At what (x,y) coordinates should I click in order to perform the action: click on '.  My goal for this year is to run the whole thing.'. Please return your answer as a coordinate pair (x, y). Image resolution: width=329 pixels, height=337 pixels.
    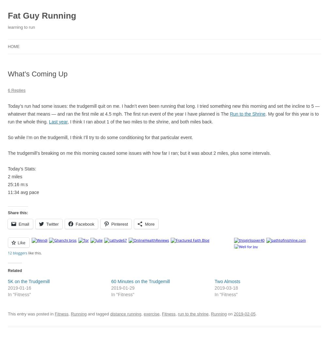
    Looking at the image, I should click on (163, 117).